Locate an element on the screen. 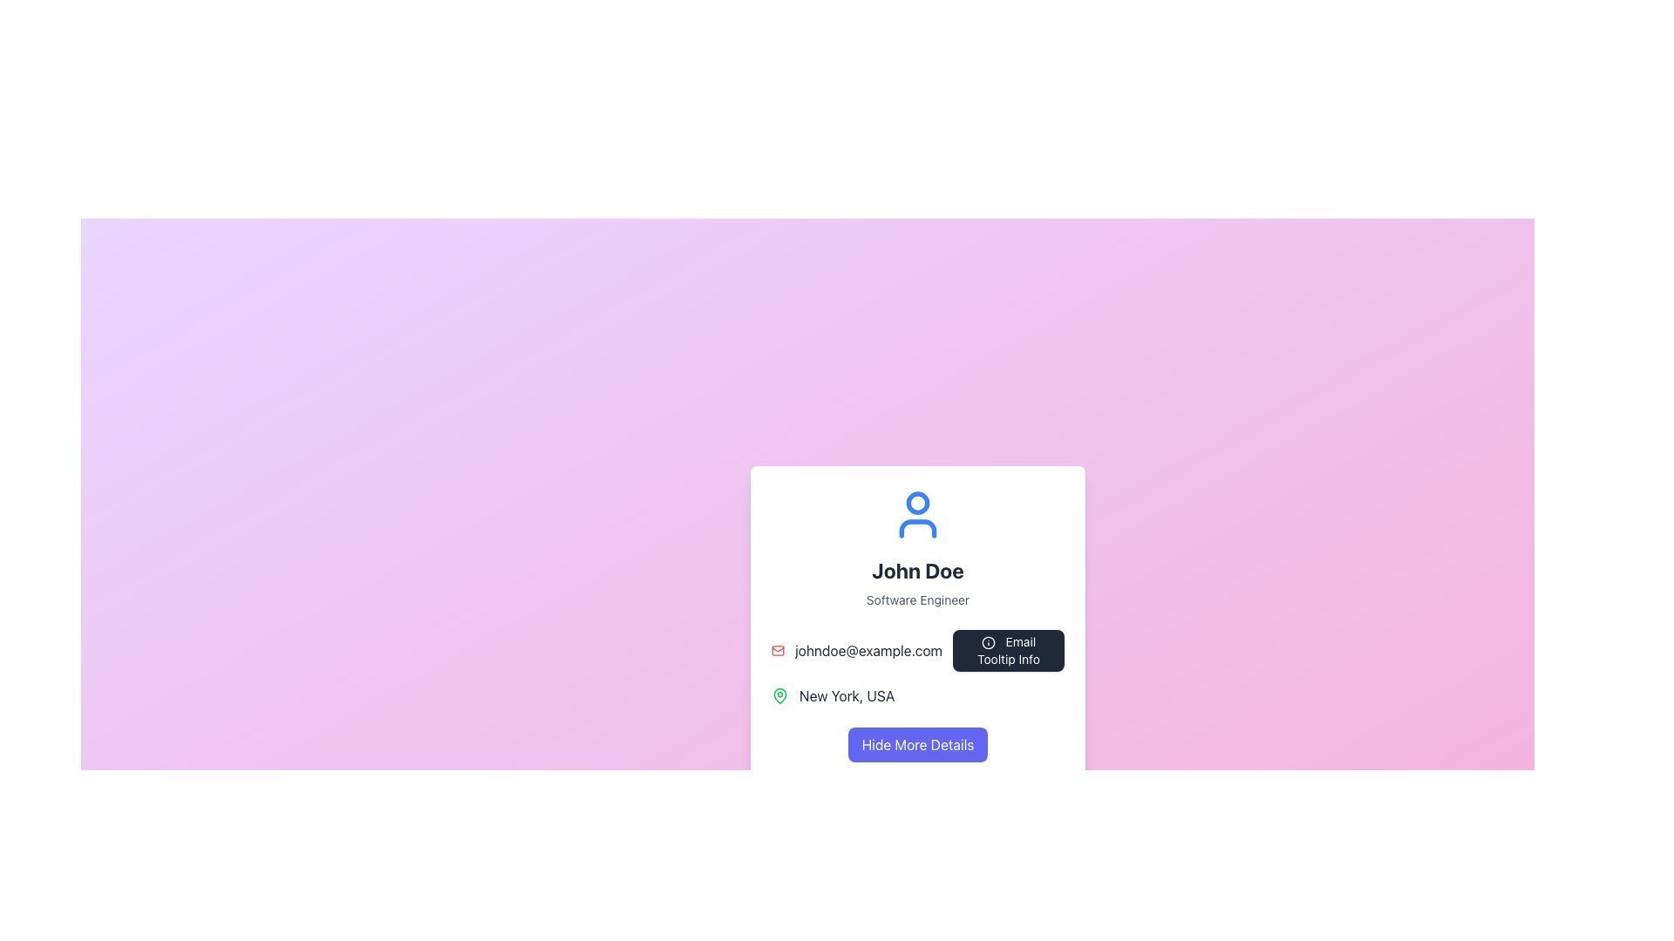 This screenshot has width=1674, height=941. the stylized user icon with a blue outline located at the top of the card layout, centered above the name 'John Doe' and the text 'Software Engineer' is located at coordinates (916, 513).